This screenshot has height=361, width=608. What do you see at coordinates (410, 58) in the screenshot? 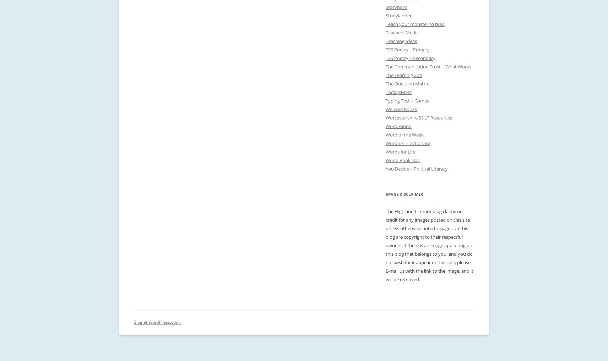
I see `'TES Poetry – Secondary'` at bounding box center [410, 58].